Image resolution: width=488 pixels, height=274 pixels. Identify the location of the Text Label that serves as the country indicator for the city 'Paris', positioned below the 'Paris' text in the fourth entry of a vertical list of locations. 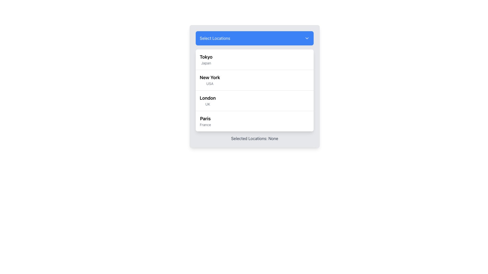
(205, 125).